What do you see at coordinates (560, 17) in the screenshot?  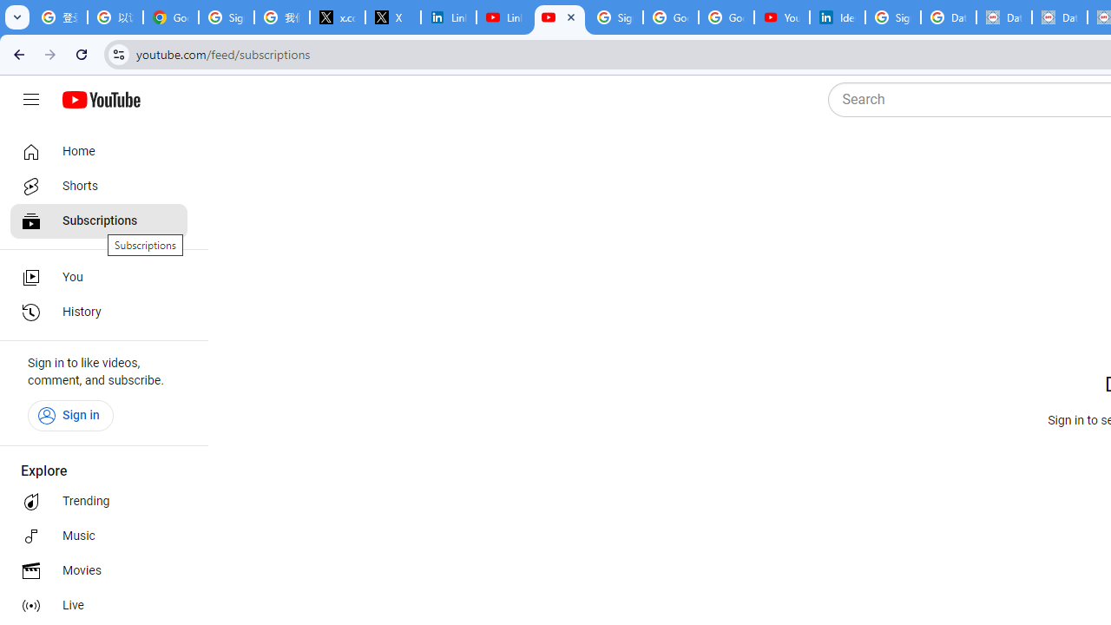 I see `'Subscriptions - YouTube'` at bounding box center [560, 17].